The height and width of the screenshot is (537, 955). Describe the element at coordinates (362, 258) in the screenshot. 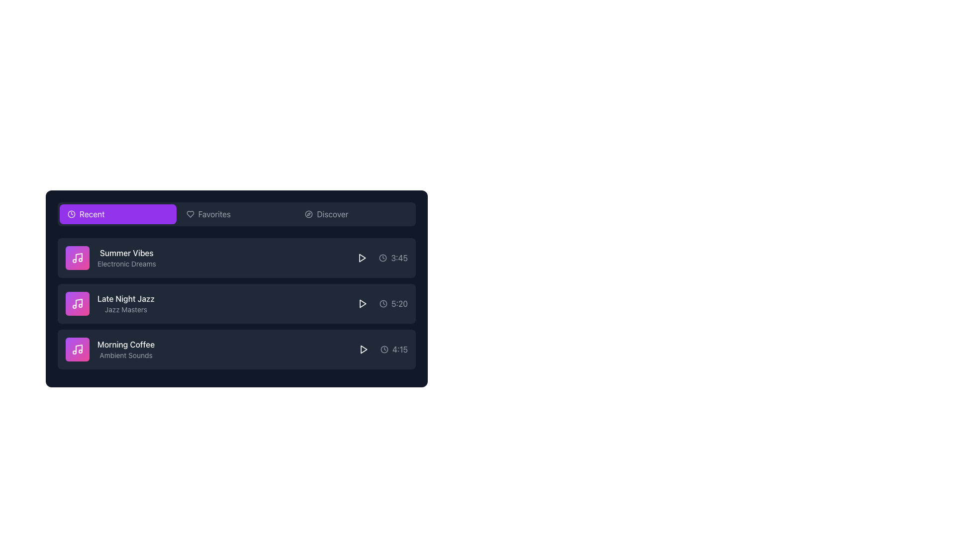

I see `the SVG graphical element resembling a play button` at that location.